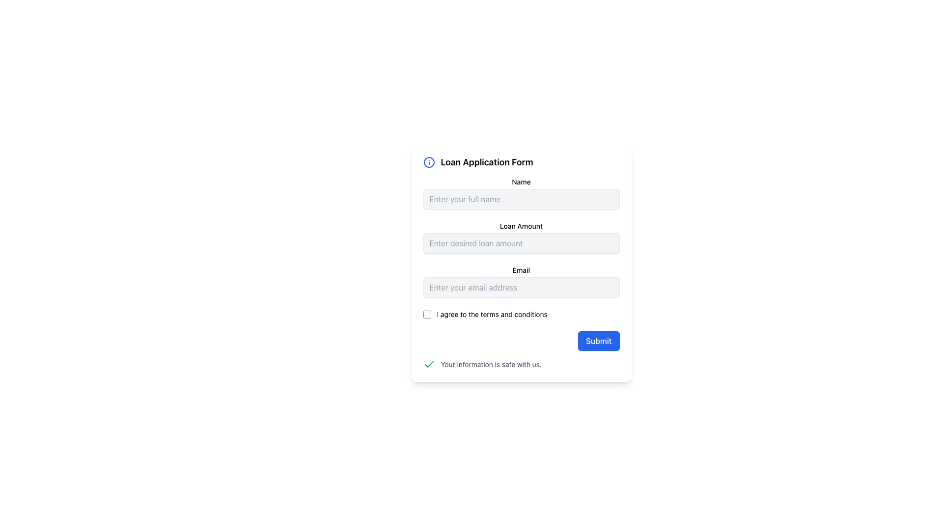  What do you see at coordinates (492, 314) in the screenshot?
I see `the static text label that states 'I agree to the terms and conditions', which is styled in a smaller font and positioned adjacent to a checkbox` at bounding box center [492, 314].